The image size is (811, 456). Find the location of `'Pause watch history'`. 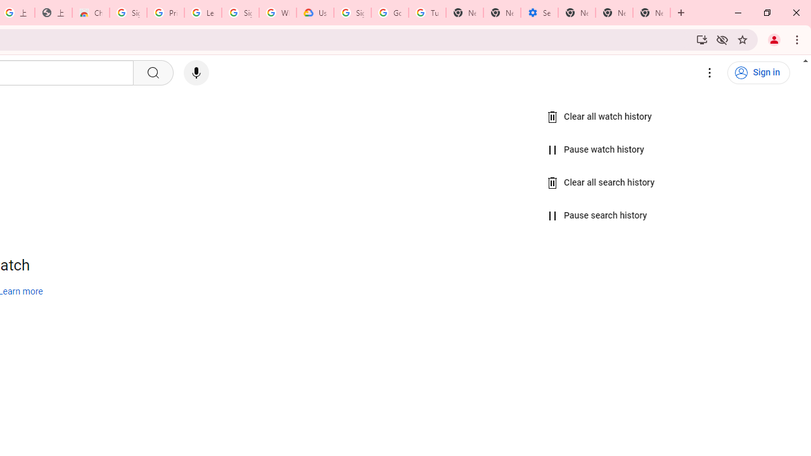

'Pause watch history' is located at coordinates (596, 149).